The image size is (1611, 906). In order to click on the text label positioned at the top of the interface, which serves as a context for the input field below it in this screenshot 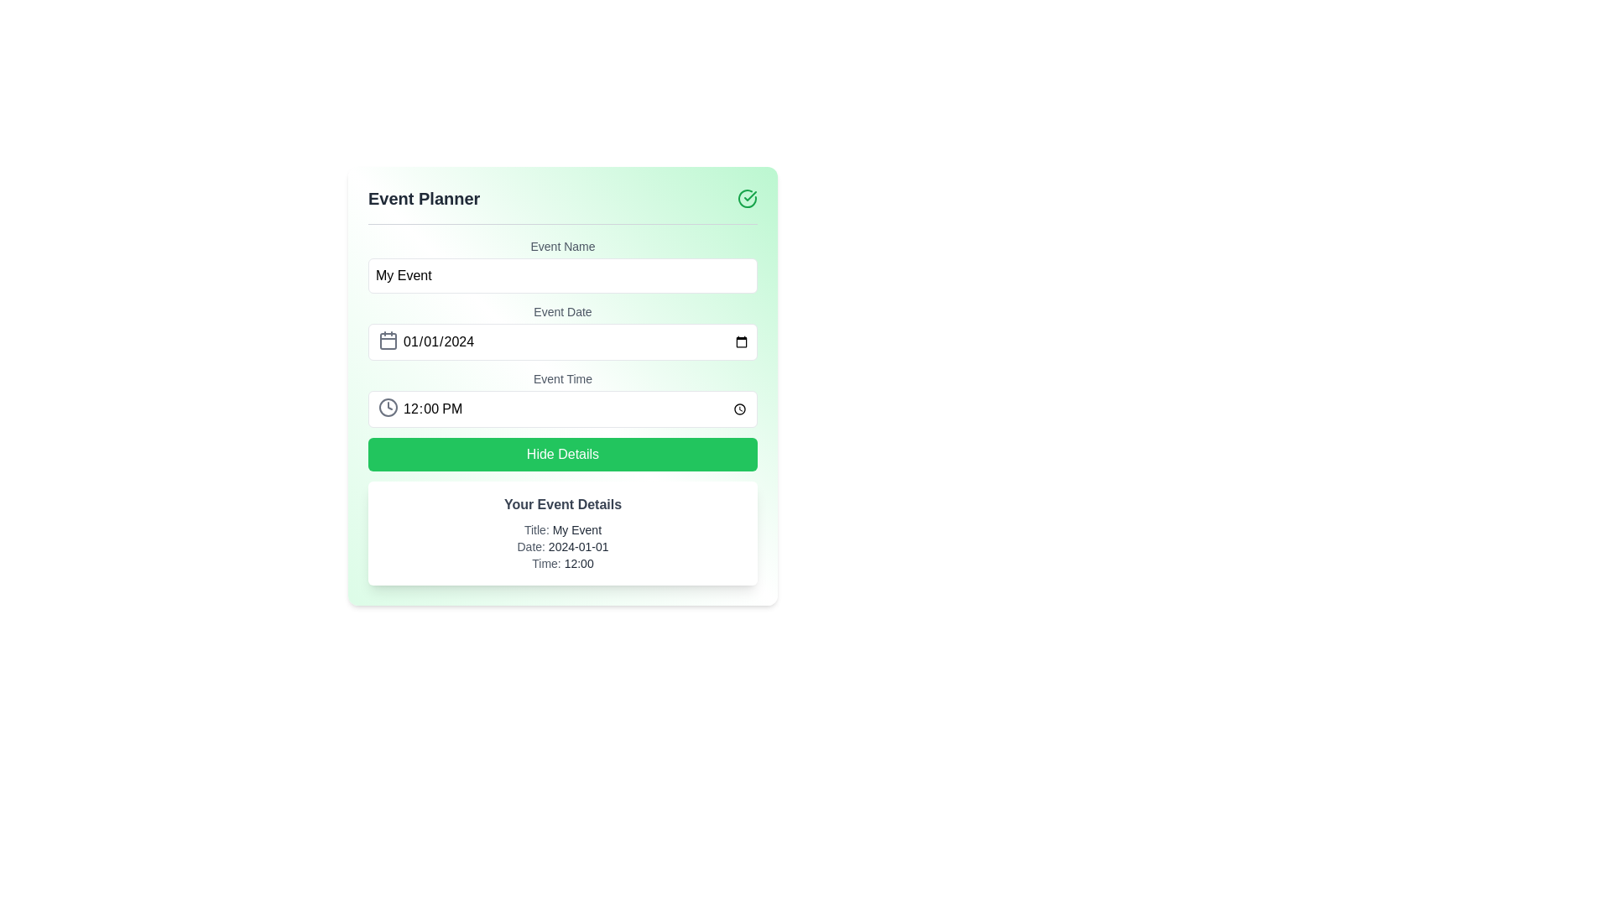, I will do `click(563, 246)`.